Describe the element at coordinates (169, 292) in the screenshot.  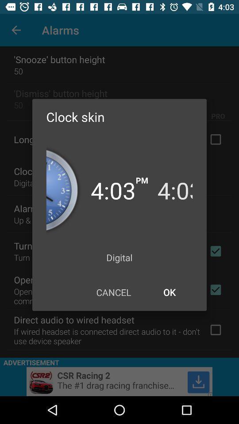
I see `item at the bottom right corner` at that location.